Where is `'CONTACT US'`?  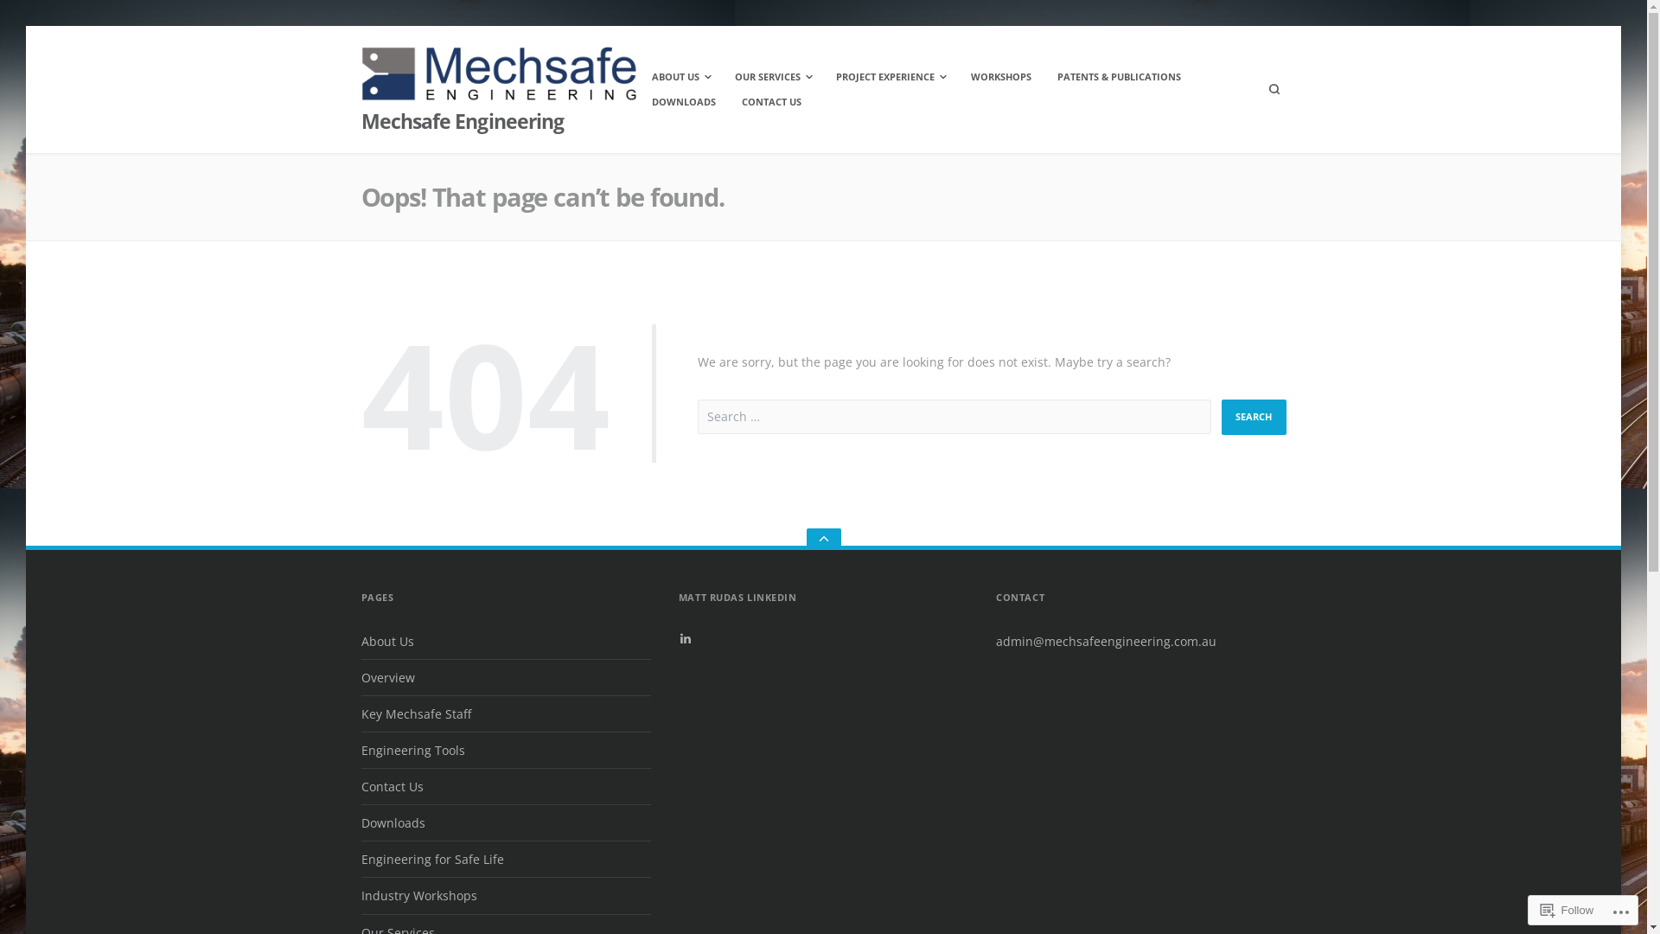
'CONTACT US' is located at coordinates (731, 102).